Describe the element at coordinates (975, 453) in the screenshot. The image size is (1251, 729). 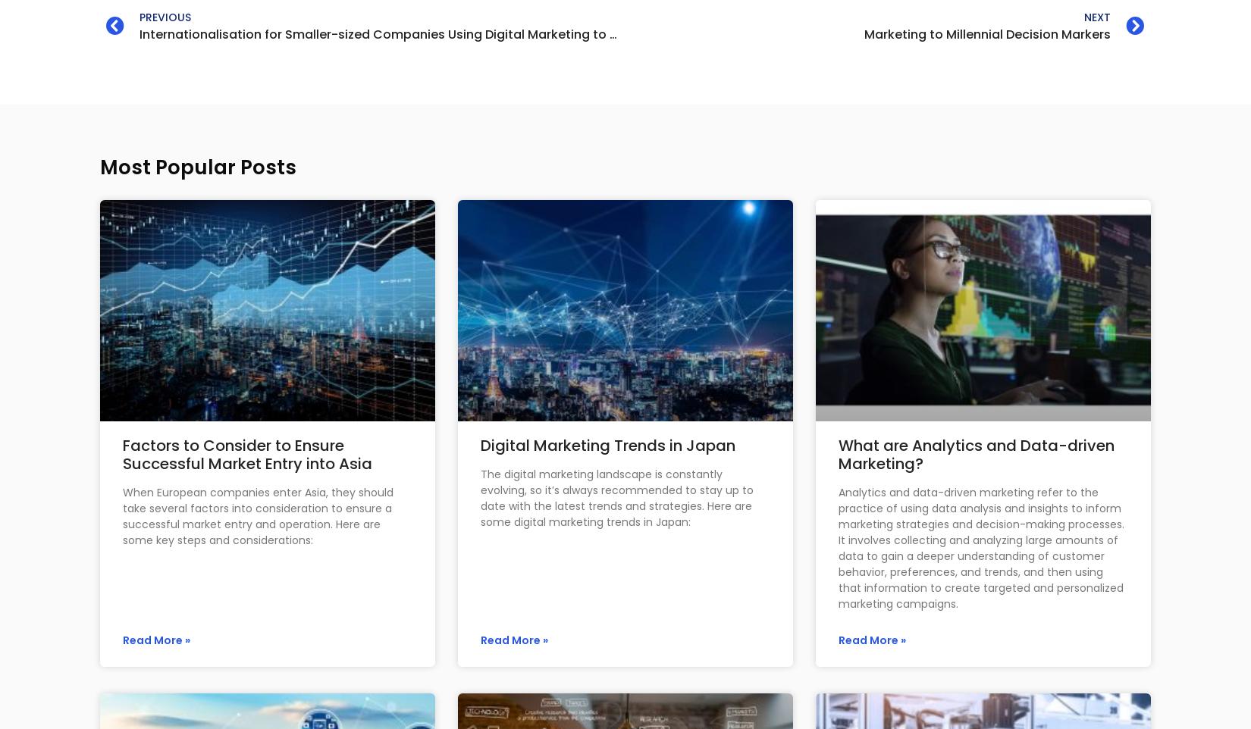
I see `'What are Analytics and Data-driven Marketing?'` at that location.